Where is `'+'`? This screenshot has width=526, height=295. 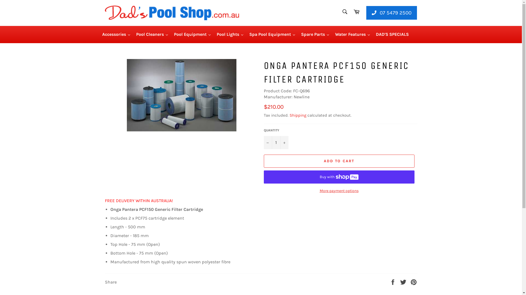 '+' is located at coordinates (284, 142).